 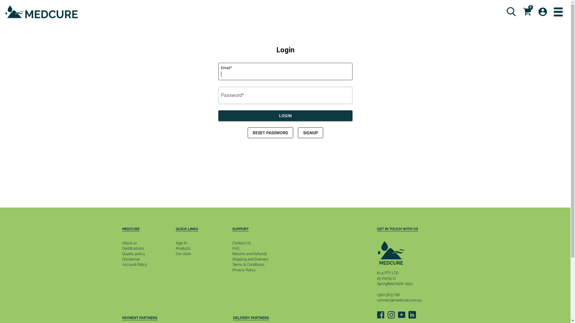 I want to click on 'Facebook', so click(x=380, y=314).